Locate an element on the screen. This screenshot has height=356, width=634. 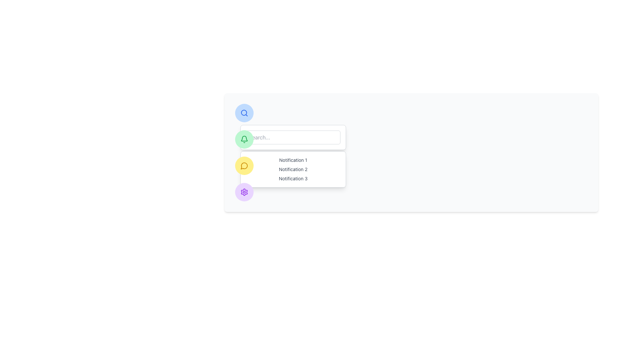
the settings icon represented by a cogwheel at the bottom right corner of the navigation column is located at coordinates (244, 192).